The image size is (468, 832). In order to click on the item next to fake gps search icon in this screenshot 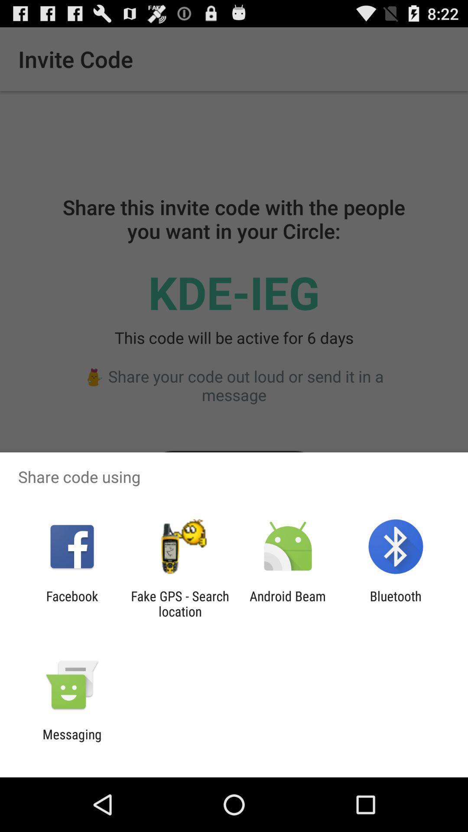, I will do `click(288, 603)`.